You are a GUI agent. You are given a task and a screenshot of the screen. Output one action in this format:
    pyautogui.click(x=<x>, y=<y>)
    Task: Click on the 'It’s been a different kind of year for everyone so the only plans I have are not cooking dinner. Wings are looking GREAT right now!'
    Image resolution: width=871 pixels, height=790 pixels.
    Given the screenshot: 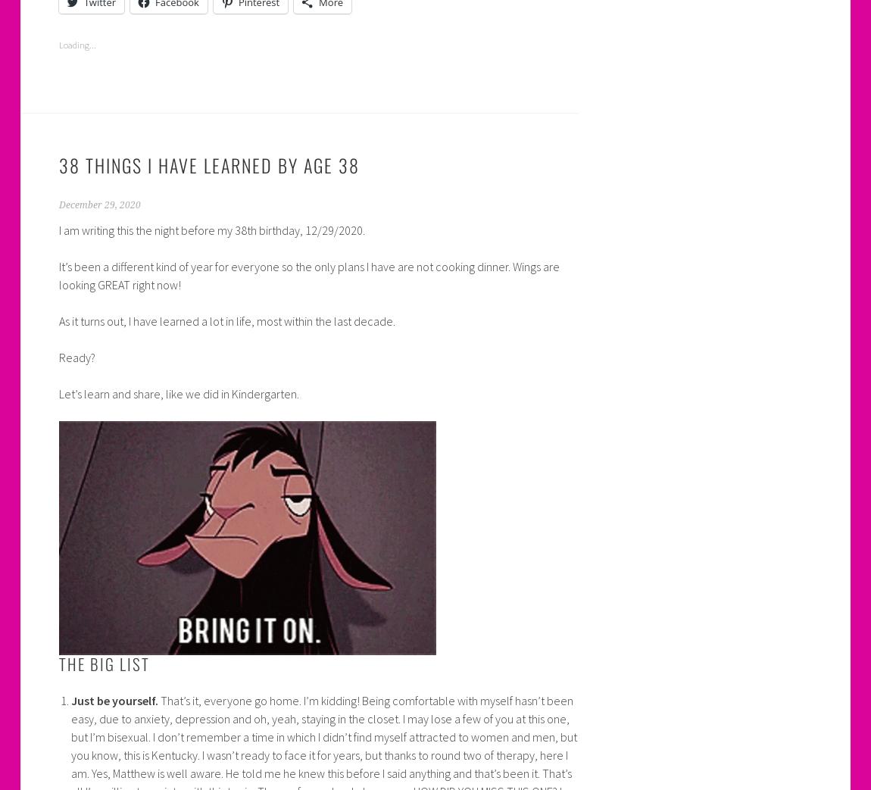 What is the action you would take?
    pyautogui.click(x=308, y=275)
    